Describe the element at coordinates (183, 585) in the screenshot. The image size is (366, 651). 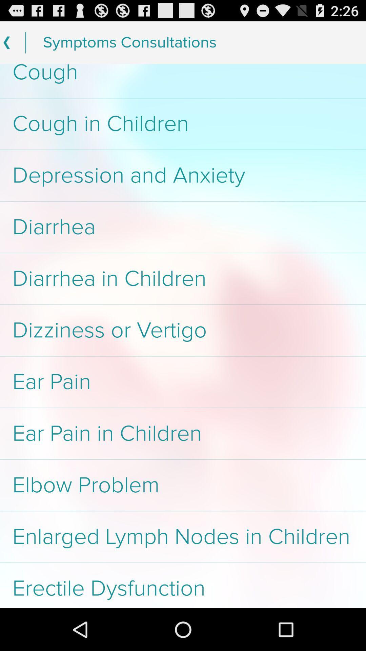
I see `app below enlarged lymph nodes` at that location.